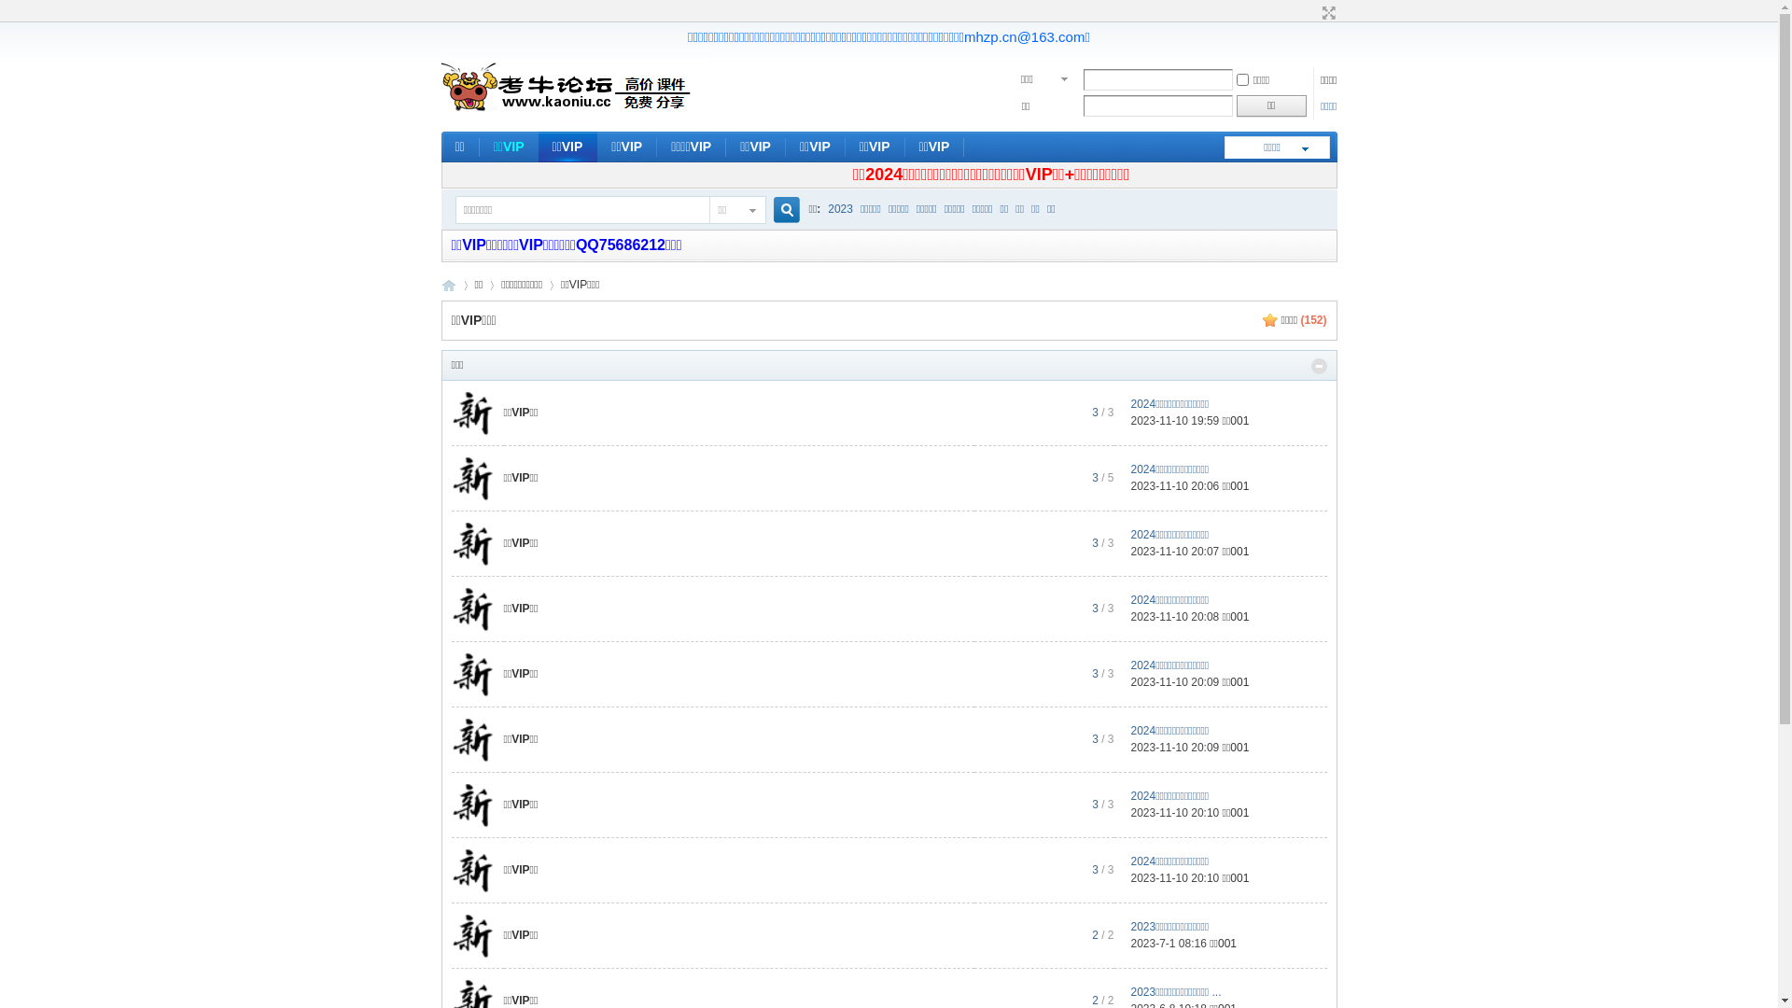 Image resolution: width=1792 pixels, height=1008 pixels. What do you see at coordinates (839, 208) in the screenshot?
I see `'2023'` at bounding box center [839, 208].